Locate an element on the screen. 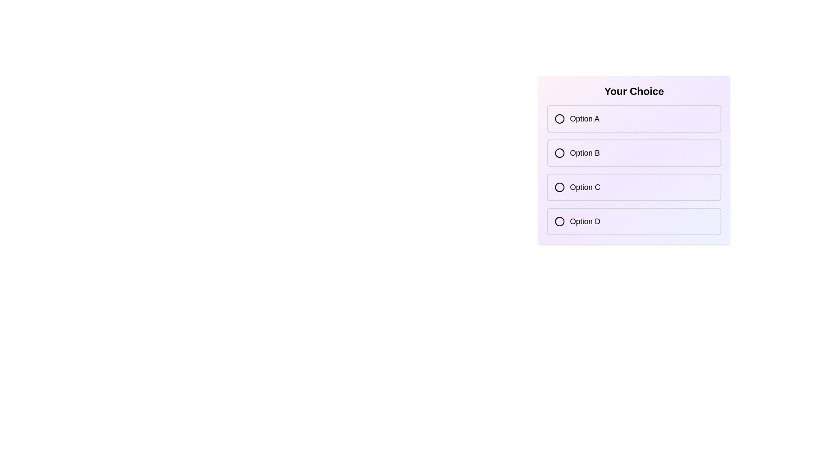 This screenshot has width=821, height=462. the option Option B to observe the hover effect is located at coordinates (634, 153).